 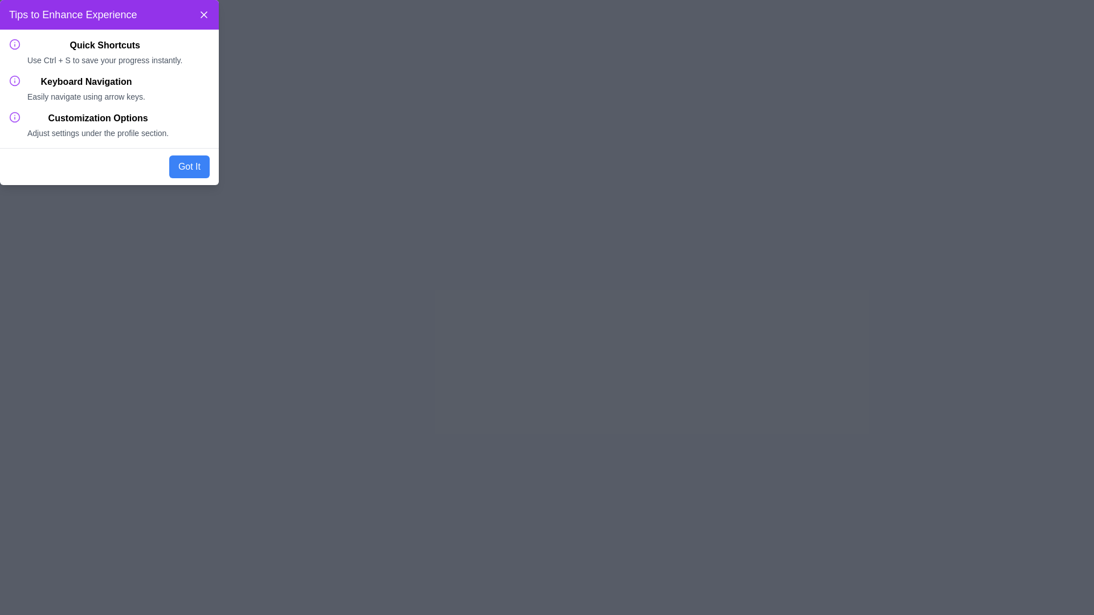 I want to click on the text label that reads 'Keyboard Navigation', which is a bold heading positioned above the description 'Easily navigate using arrow keys' within the purple modal titled 'Tips to Enhance Experience', so click(x=85, y=81).